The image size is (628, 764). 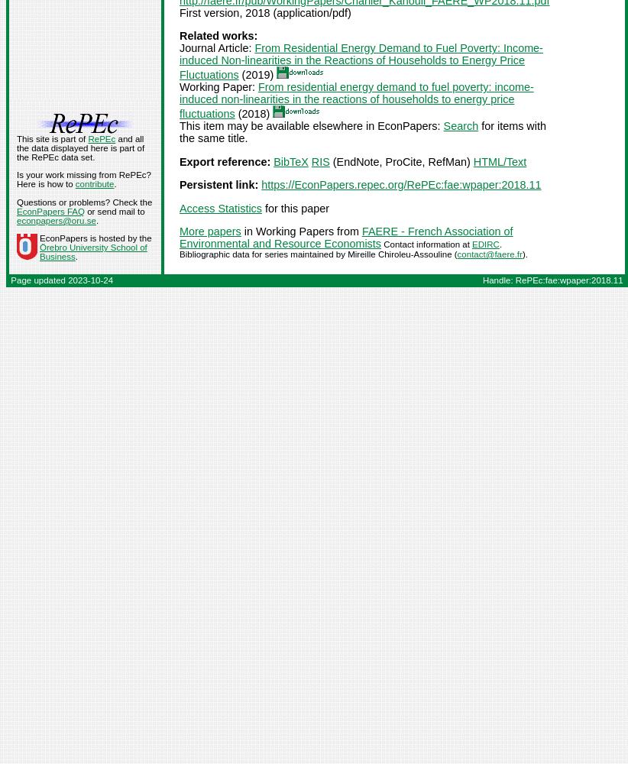 I want to click on 'RePEc', so click(x=101, y=138).